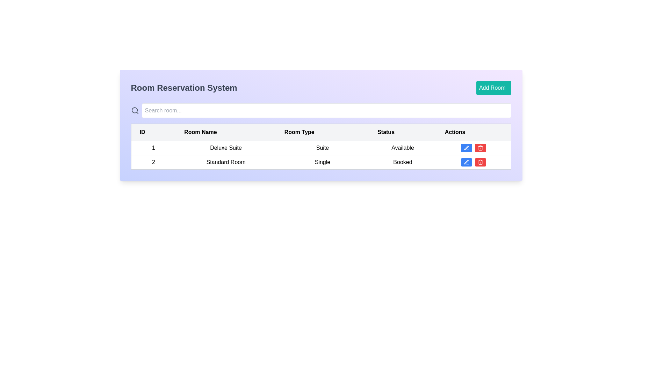 This screenshot has width=671, height=377. I want to click on the 'Single' room type text label located in the 'Room Type' column of the table, which corresponds to the '2' ID and 'Standard Room' entry, so click(322, 162).